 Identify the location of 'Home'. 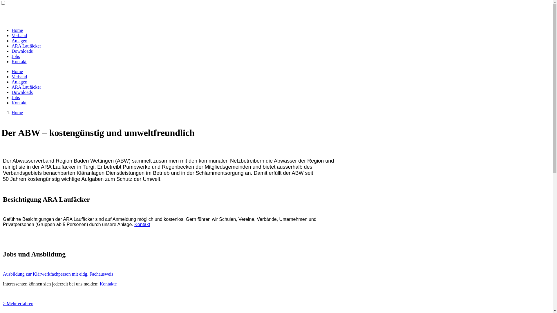
(17, 112).